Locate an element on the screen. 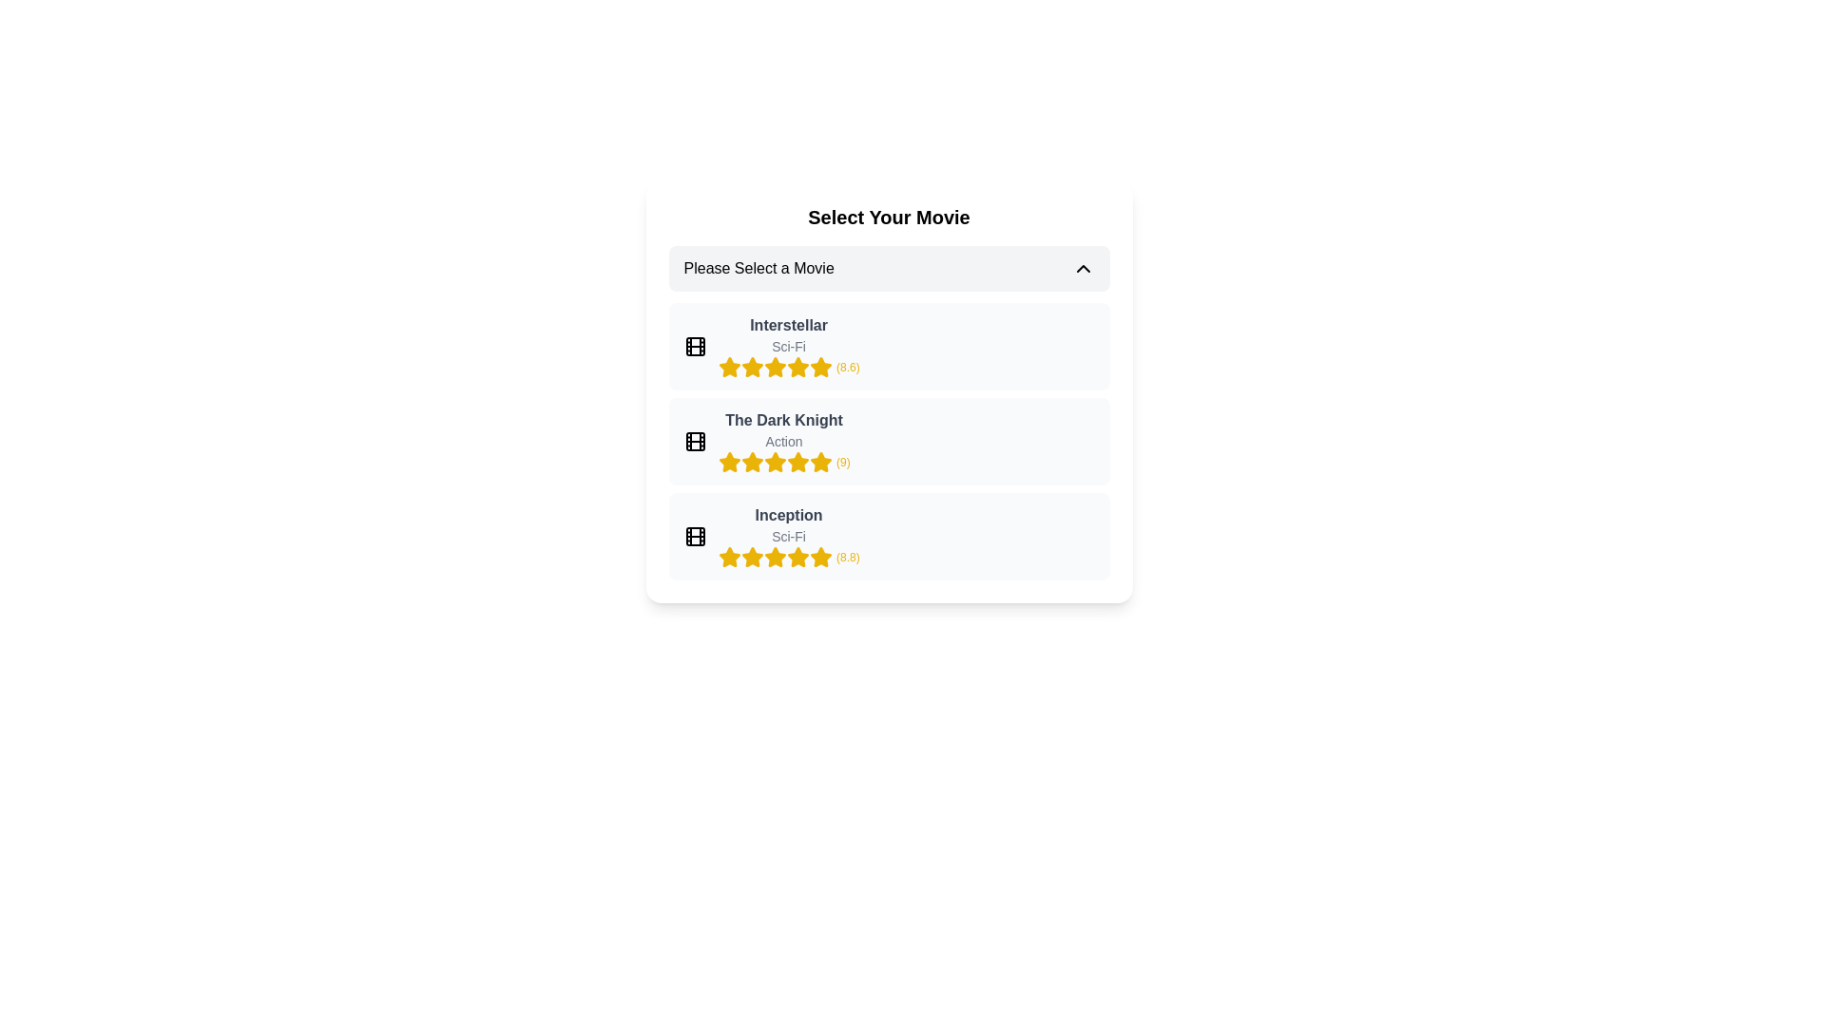  the fifth yellow star icon is located at coordinates (775, 556).